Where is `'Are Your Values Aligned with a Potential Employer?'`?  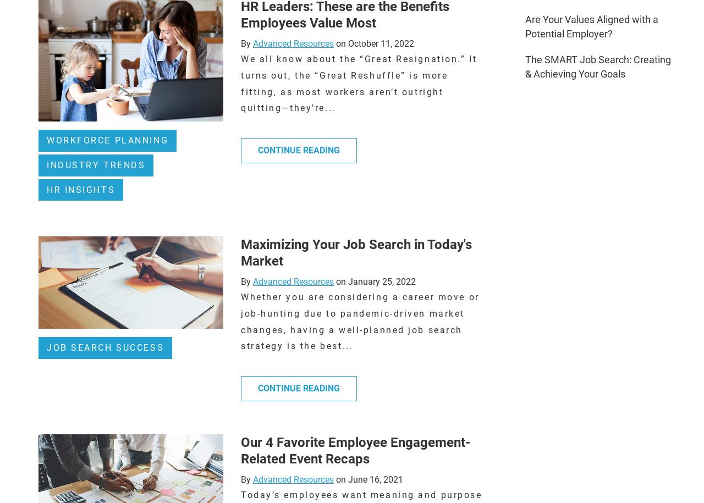
'Are Your Values Aligned with a Potential Employer?' is located at coordinates (590, 26).